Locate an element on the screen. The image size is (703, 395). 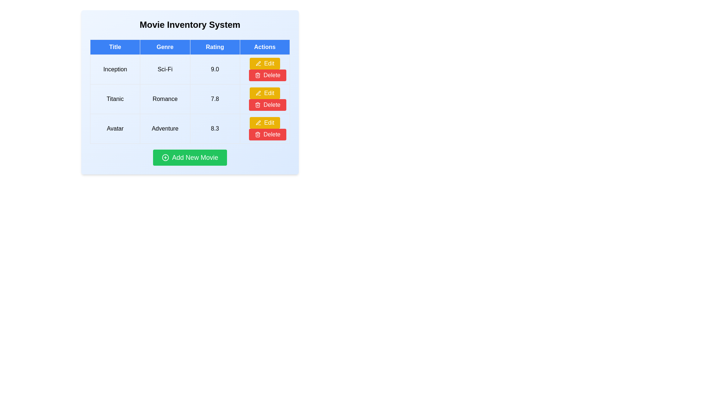
the 'Genre' Table Header, which is the second header in a table, styled with a bold font and a blue rectangular box is located at coordinates (164, 47).